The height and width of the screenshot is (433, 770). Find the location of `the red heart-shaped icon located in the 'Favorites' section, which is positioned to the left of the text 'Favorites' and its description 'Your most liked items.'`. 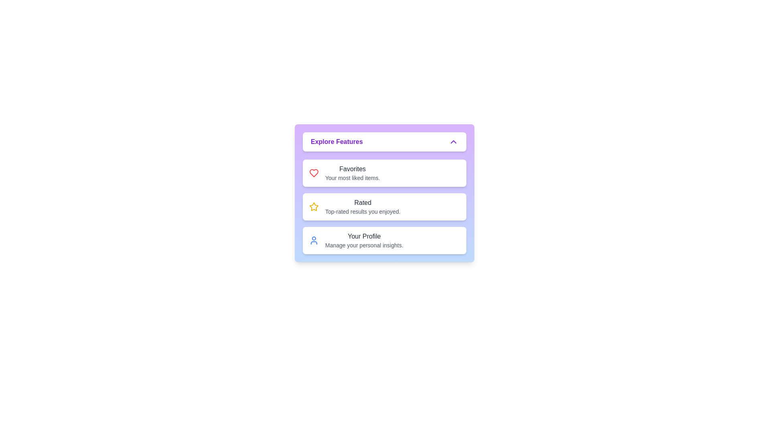

the red heart-shaped icon located in the 'Favorites' section, which is positioned to the left of the text 'Favorites' and its description 'Your most liked items.' is located at coordinates (313, 173).